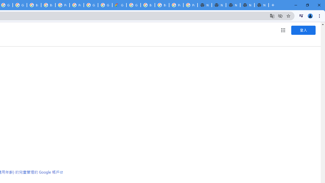 This screenshot has width=325, height=183. What do you see at coordinates (262, 5) in the screenshot?
I see `'New Tab'` at bounding box center [262, 5].